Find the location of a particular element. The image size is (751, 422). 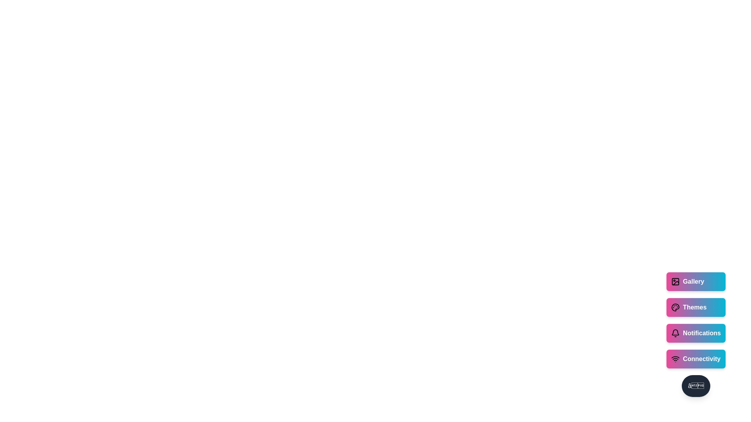

the 'Gallery' text label is located at coordinates (694, 282).